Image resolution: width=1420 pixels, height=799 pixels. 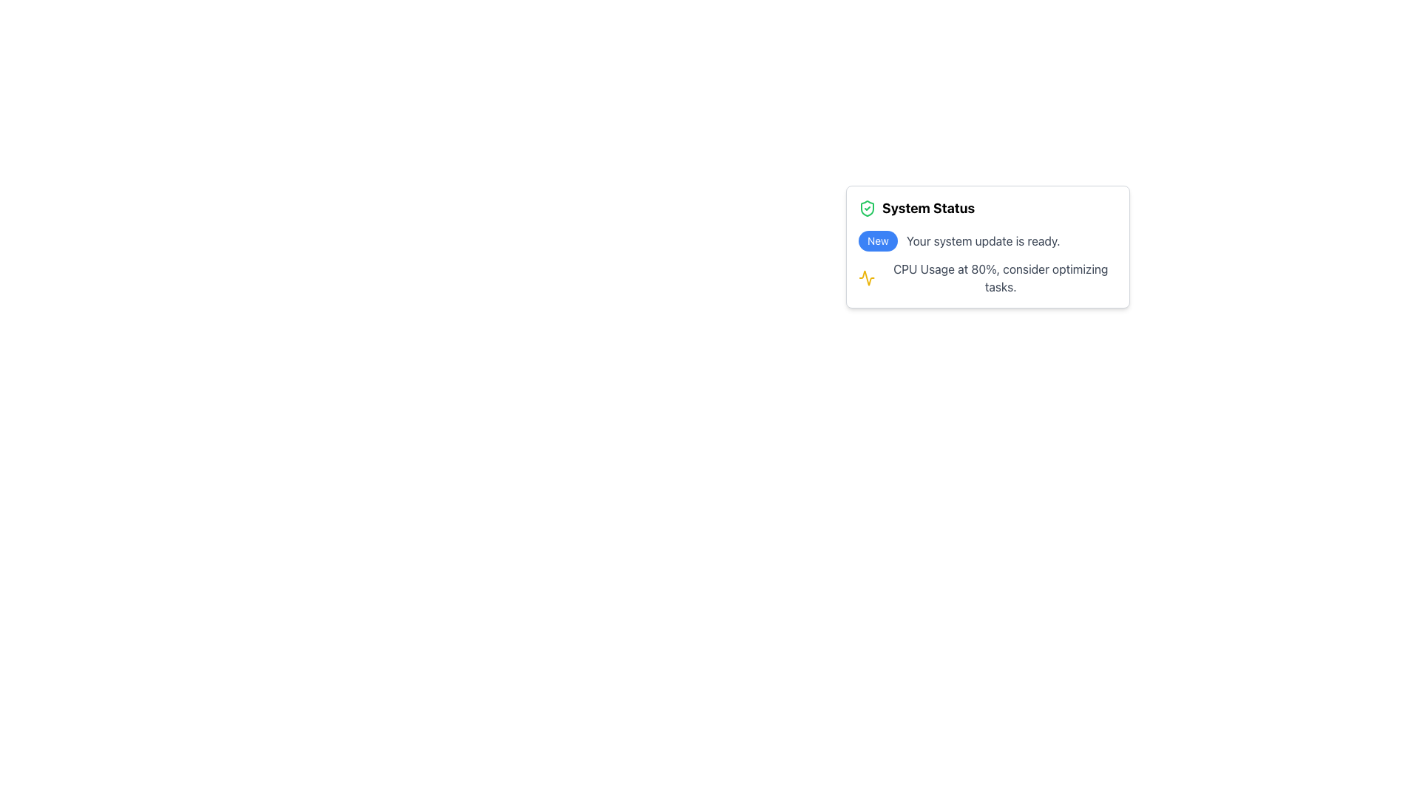 I want to click on the static text element that reads 'Your system update is ready.' which is styled in gray and located in the middle section of the 'System Status' card interface, so click(x=983, y=240).